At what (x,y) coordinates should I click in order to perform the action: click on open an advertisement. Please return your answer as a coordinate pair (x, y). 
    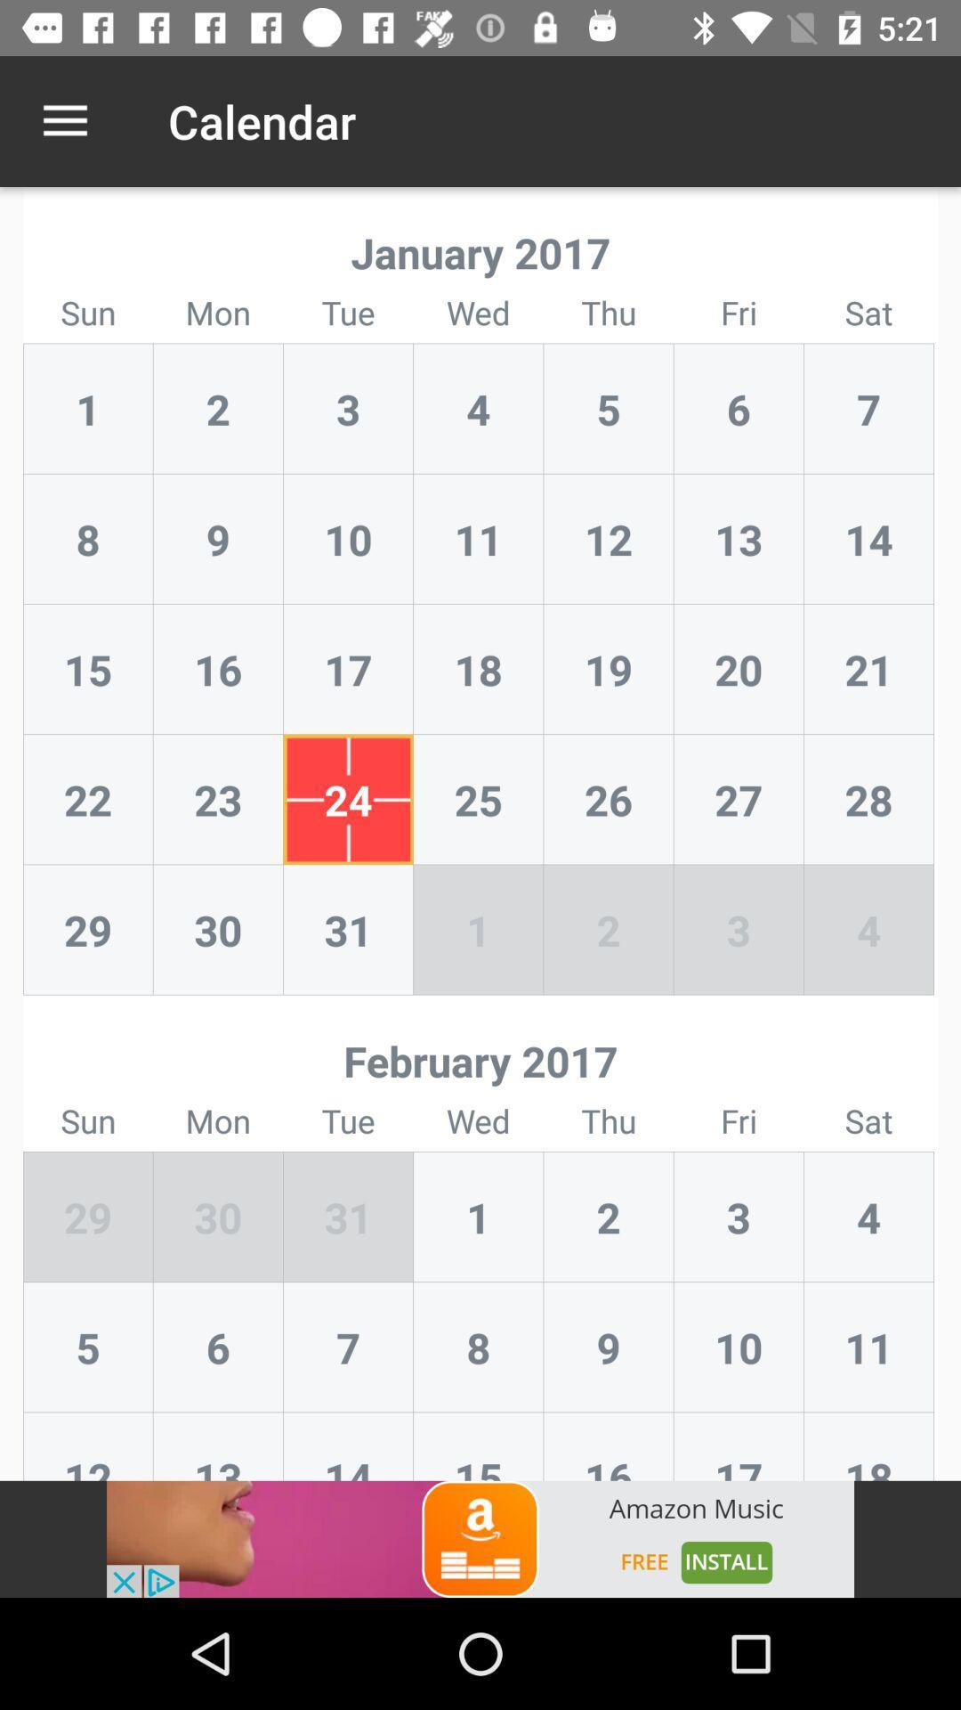
    Looking at the image, I should click on (480, 1538).